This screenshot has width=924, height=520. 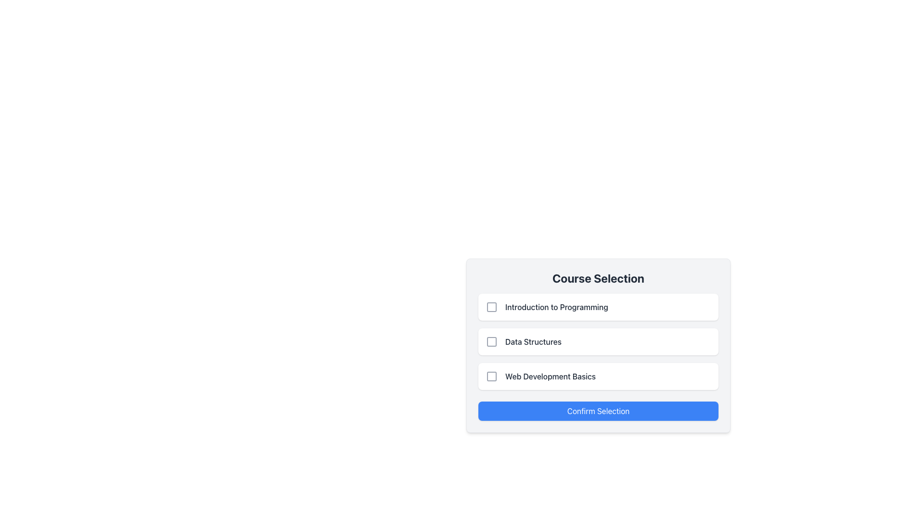 What do you see at coordinates (598, 376) in the screenshot?
I see `the 'Web Development Basics' option, which is the third item in the course selection list` at bounding box center [598, 376].